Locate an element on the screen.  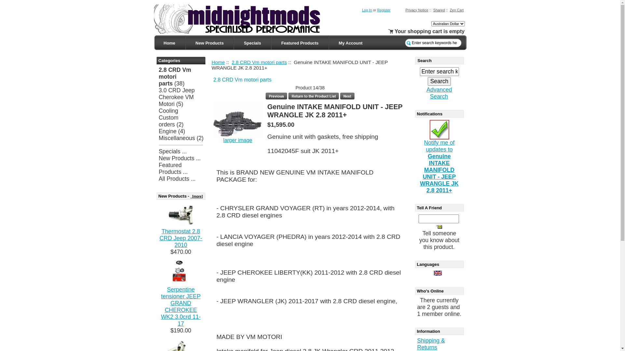
'Featured Products ...' is located at coordinates (173, 168).